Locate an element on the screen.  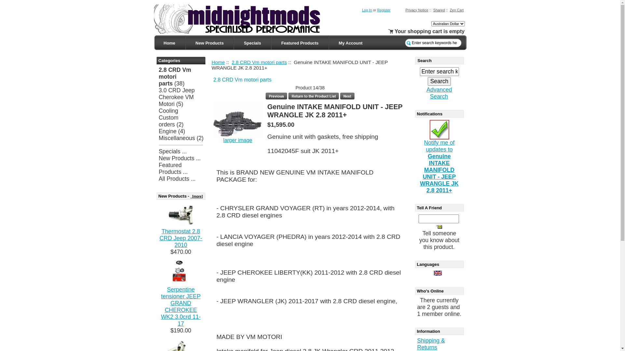
'Featured Products ...' is located at coordinates (173, 168).